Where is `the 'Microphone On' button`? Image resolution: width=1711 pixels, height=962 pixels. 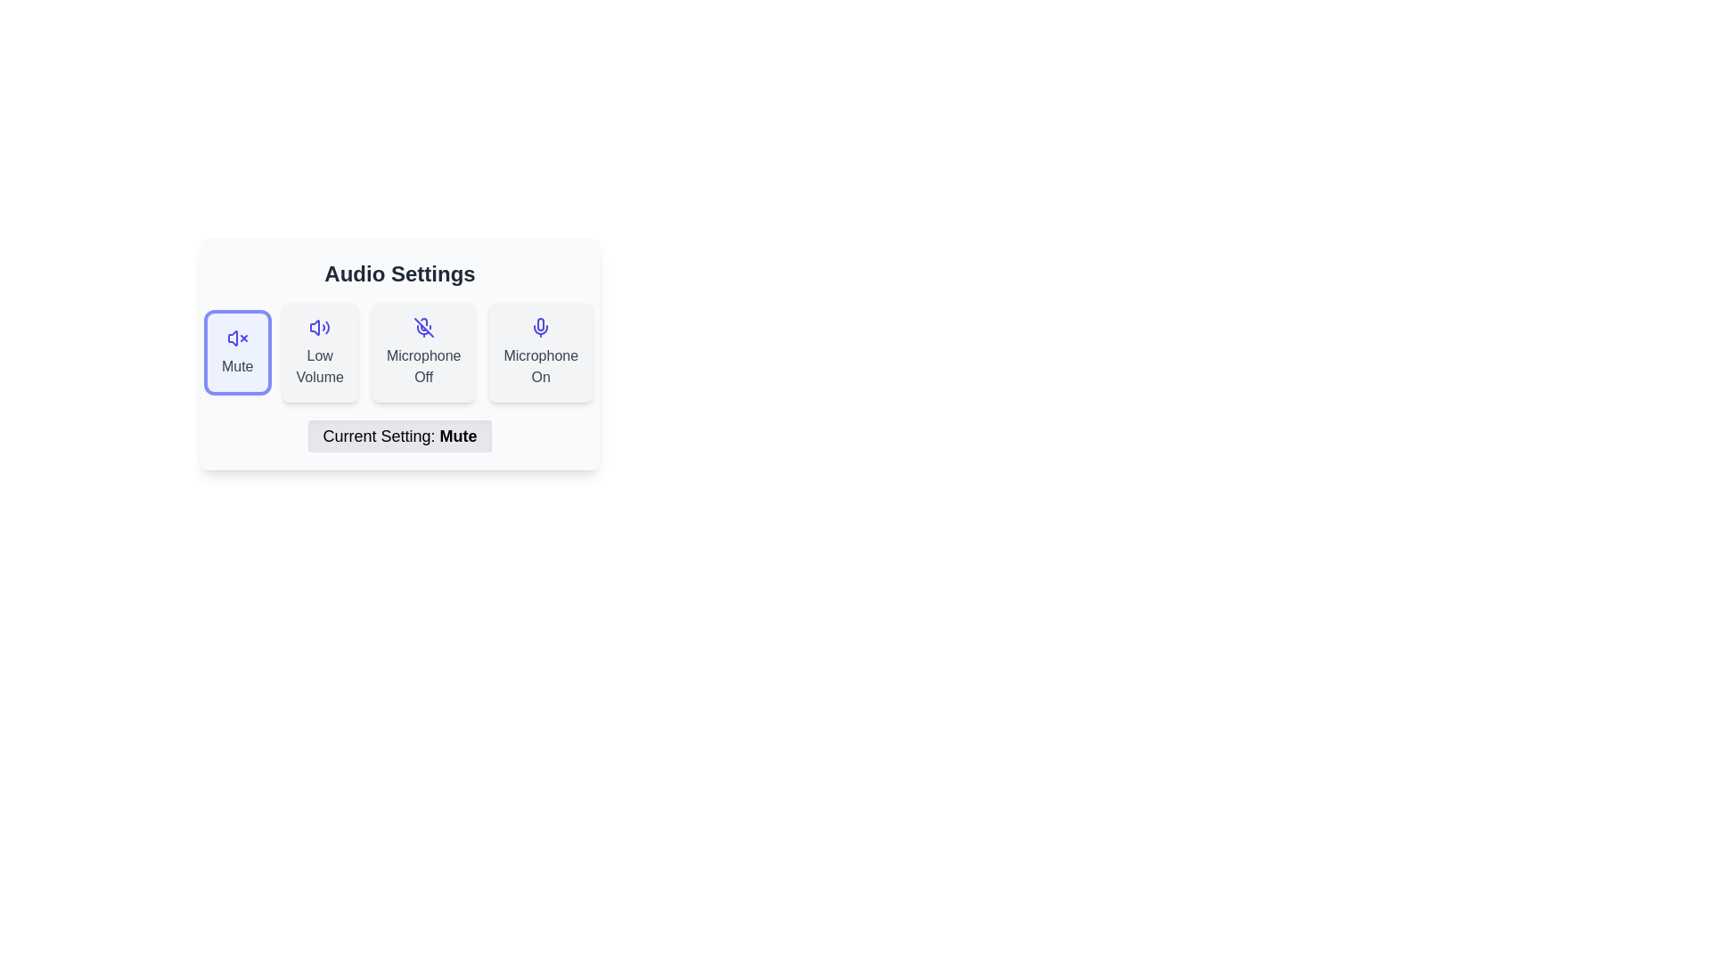 the 'Microphone On' button is located at coordinates (540, 353).